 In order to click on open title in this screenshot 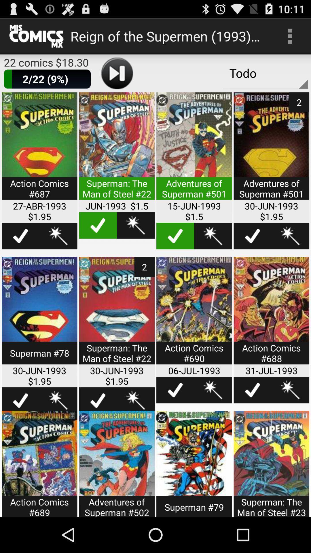, I will do `click(39, 314)`.